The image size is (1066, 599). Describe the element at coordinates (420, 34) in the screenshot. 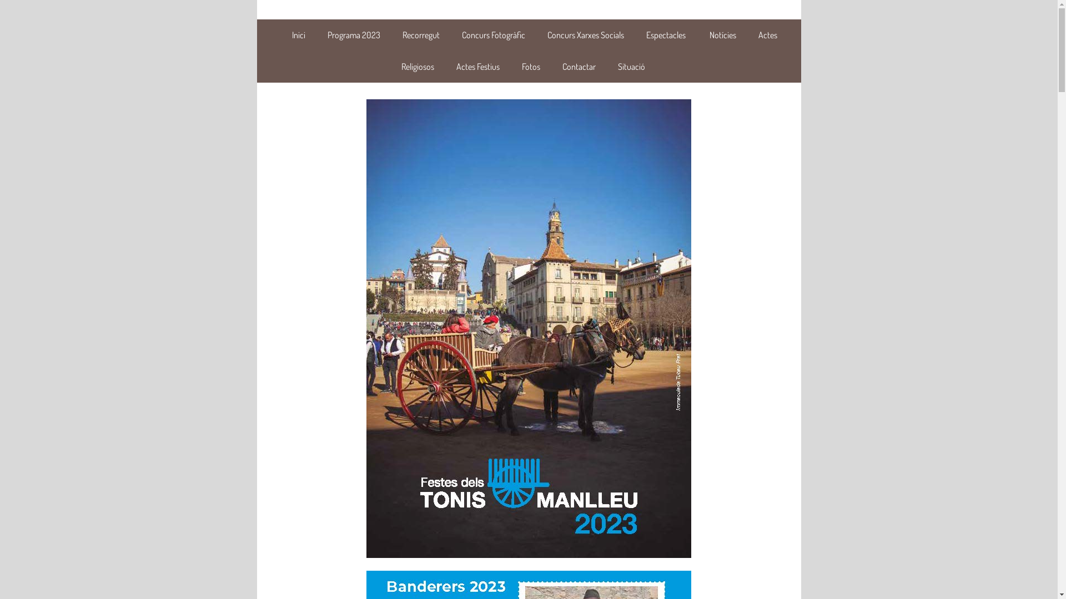

I see `'Recorregut'` at that location.